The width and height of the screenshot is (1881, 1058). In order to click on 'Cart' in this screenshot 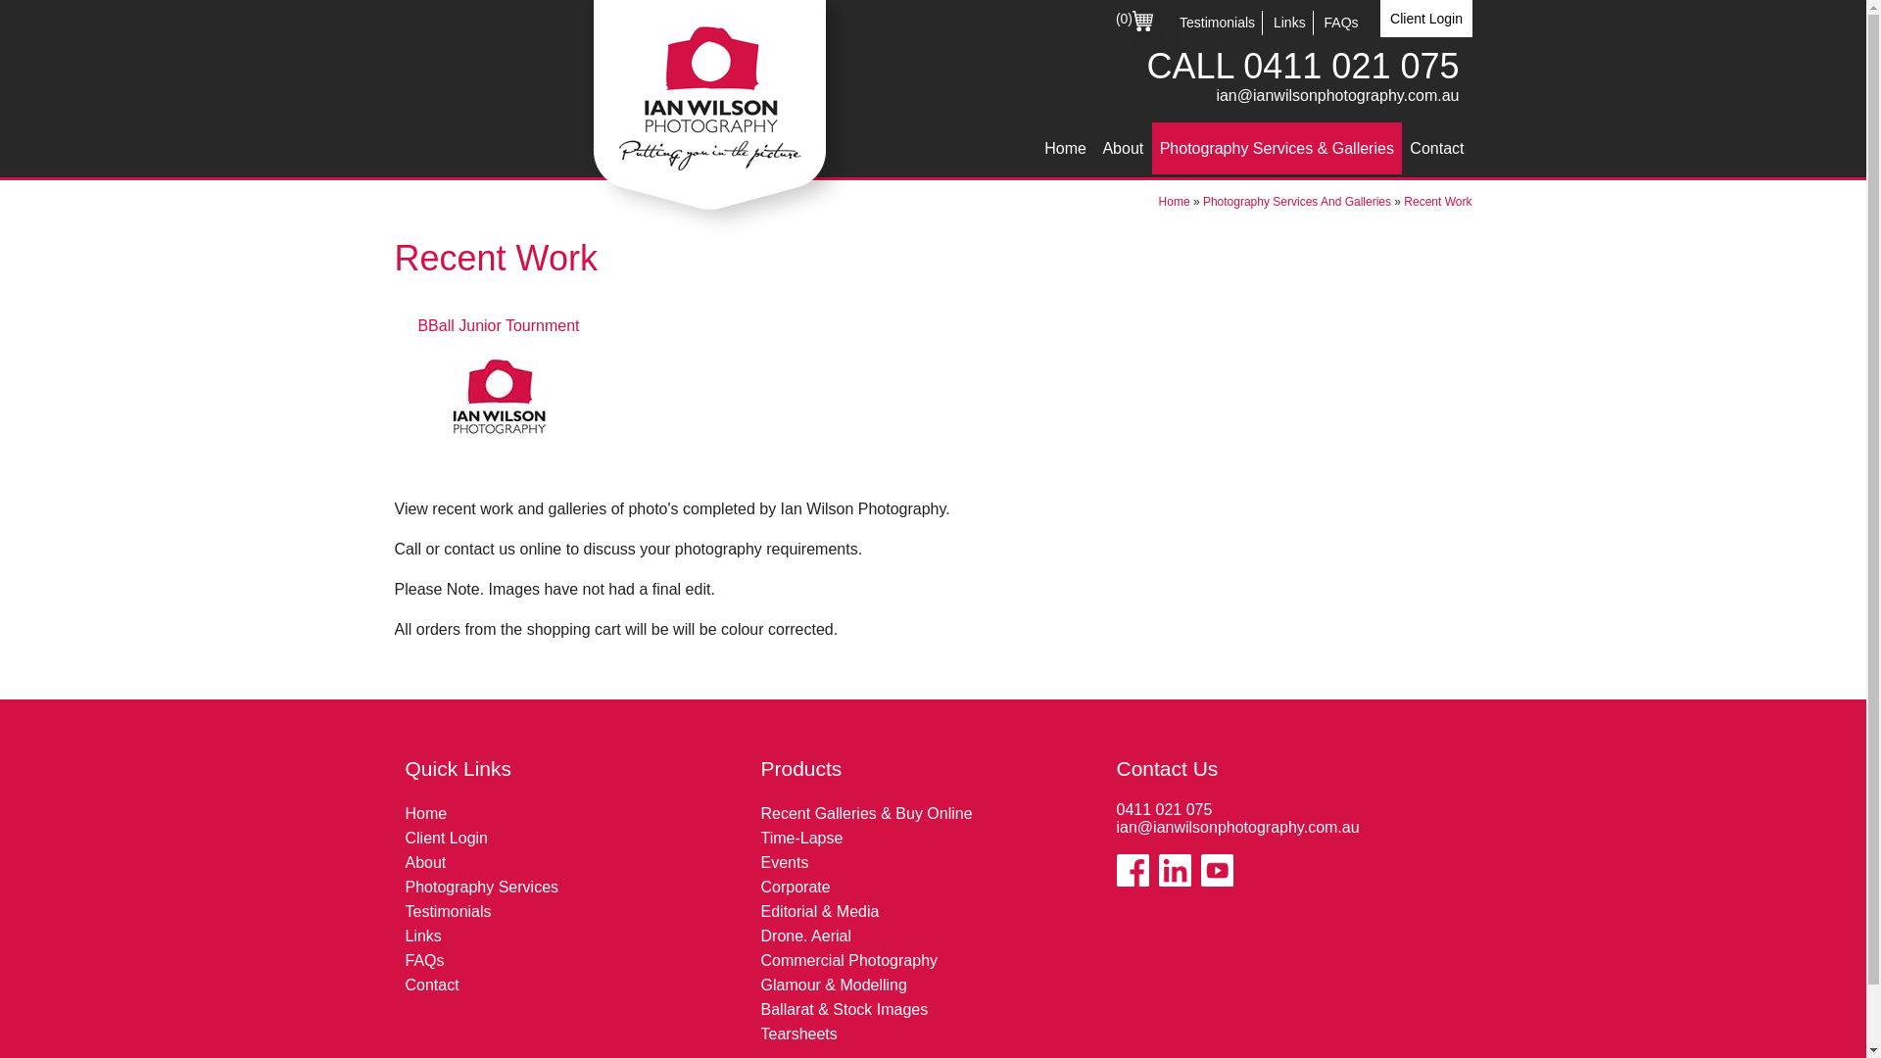, I will do `click(1142, 21)`.